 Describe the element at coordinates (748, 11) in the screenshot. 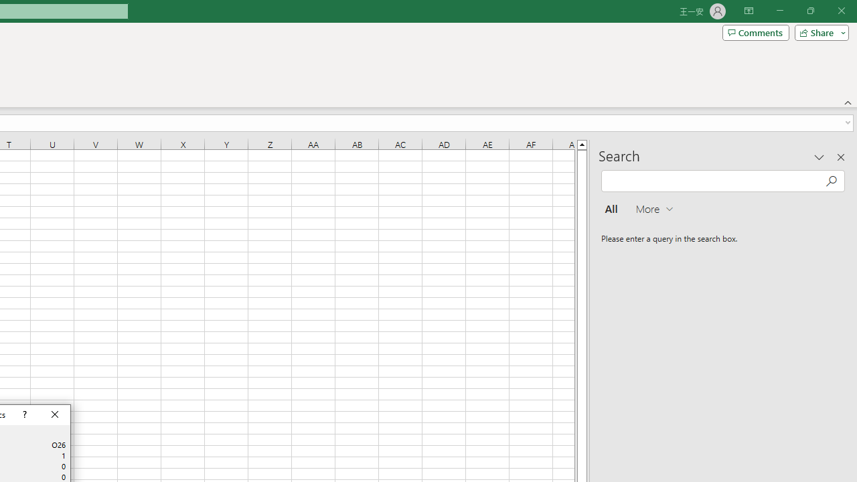

I see `'Ribbon Display Options'` at that location.